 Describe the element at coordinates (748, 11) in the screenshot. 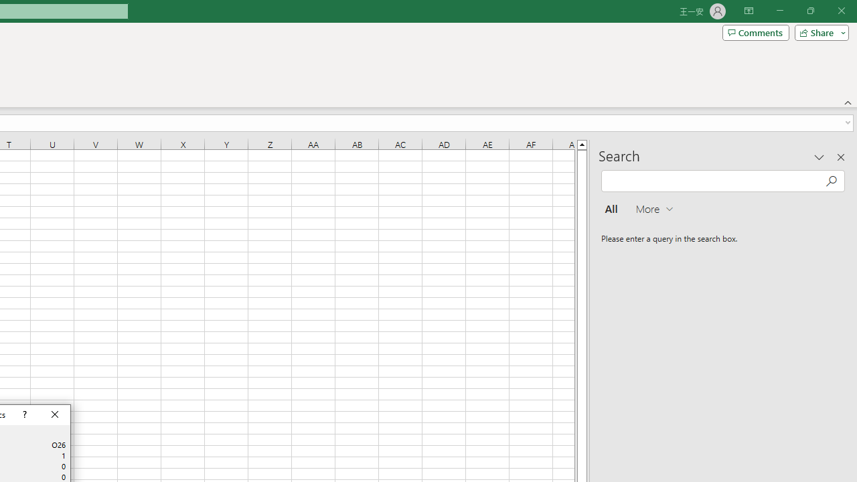

I see `'Ribbon Display Options'` at that location.